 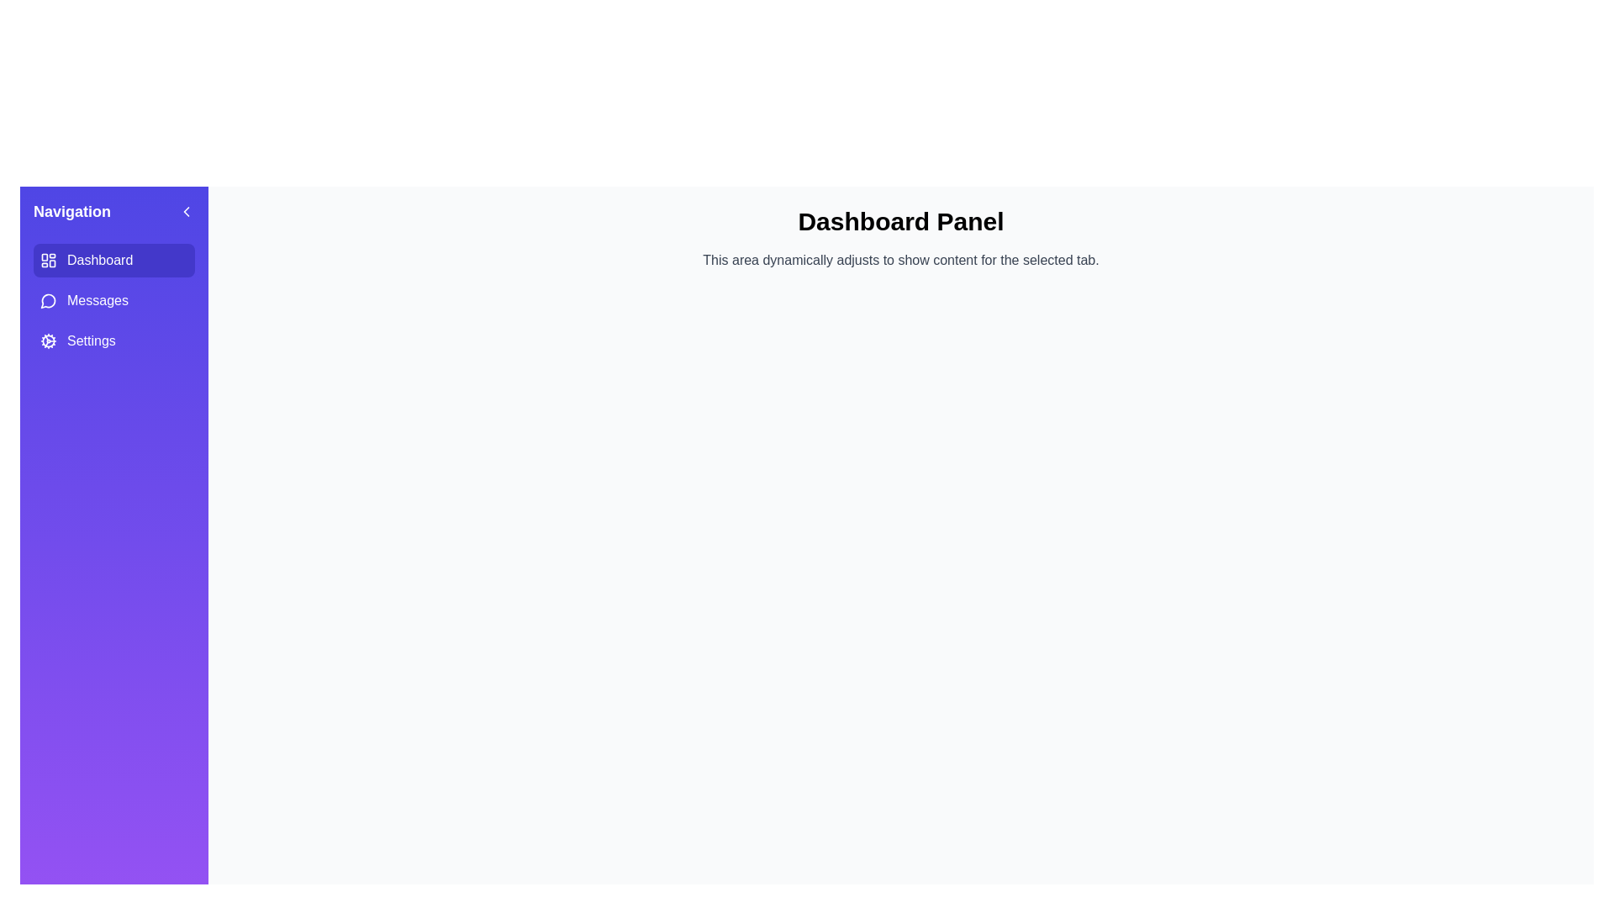 I want to click on the tab labeled Settings in the navigation drawer, so click(x=113, y=340).